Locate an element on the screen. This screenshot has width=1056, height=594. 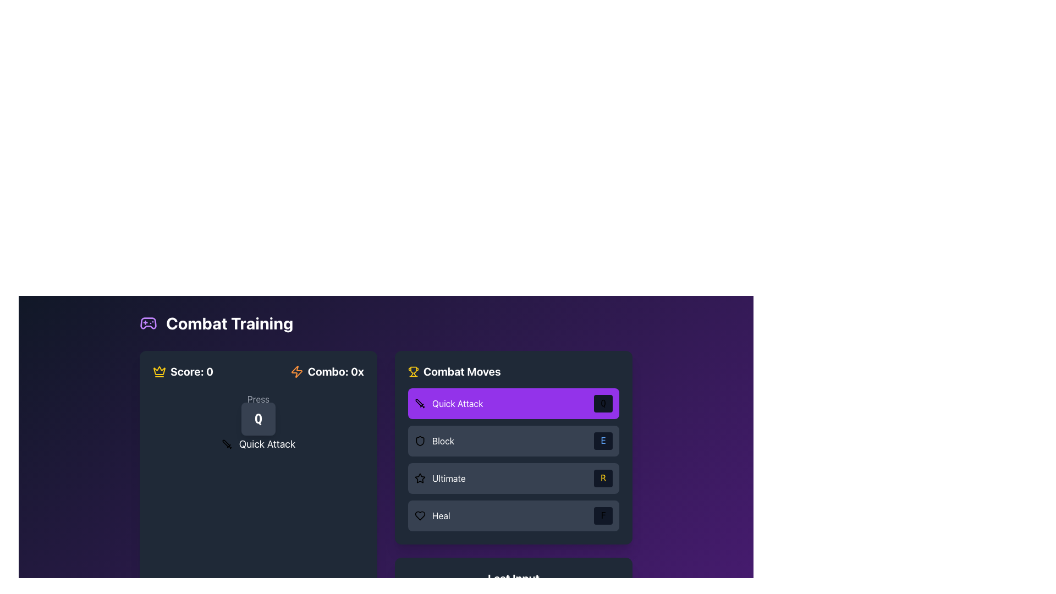
the sword icon in the 'Quick Attack' section of the Combat Training interface, which is the first icon preceding the 'Quick Attack' label is located at coordinates (226, 443).